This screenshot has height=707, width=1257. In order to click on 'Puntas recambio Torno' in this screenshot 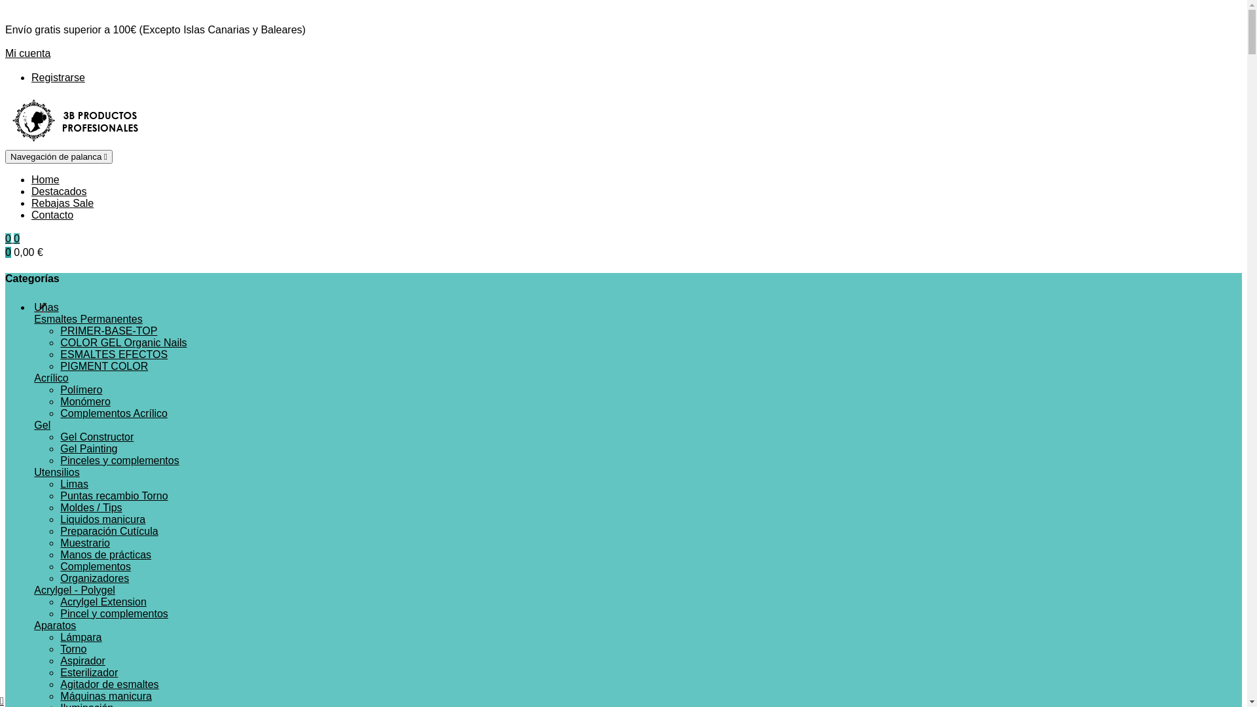, I will do `click(113, 496)`.